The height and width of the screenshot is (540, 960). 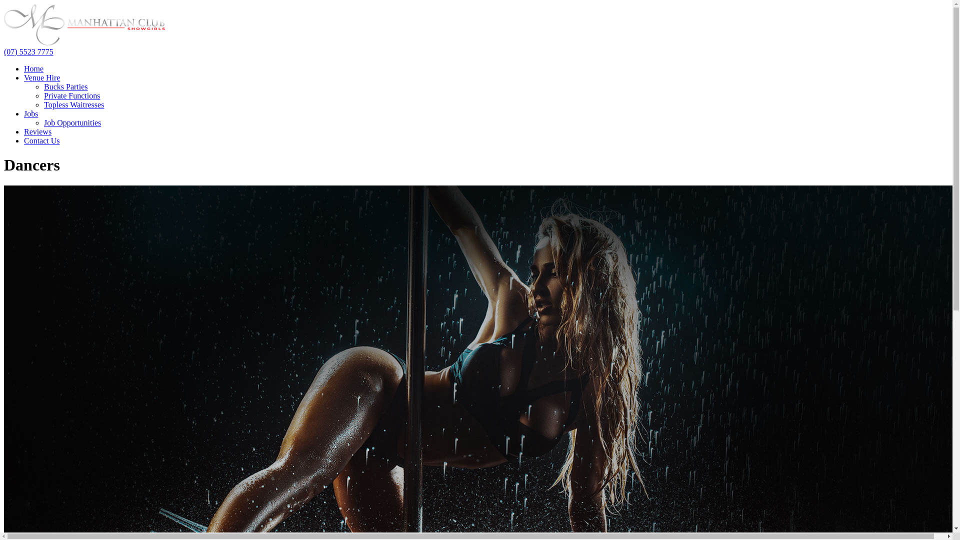 What do you see at coordinates (33, 68) in the screenshot?
I see `'Home'` at bounding box center [33, 68].